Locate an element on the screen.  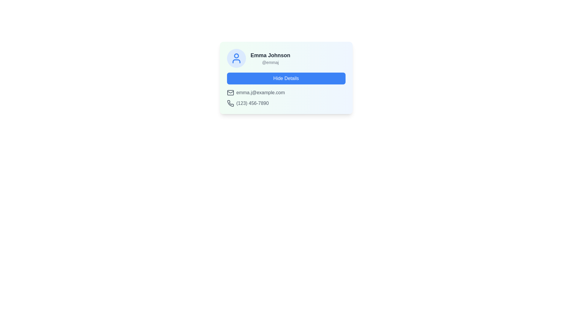
the static text element that displays the username associated with the individual 'Emma Johnson', located in the top-left corner of the card layout is located at coordinates (270, 63).